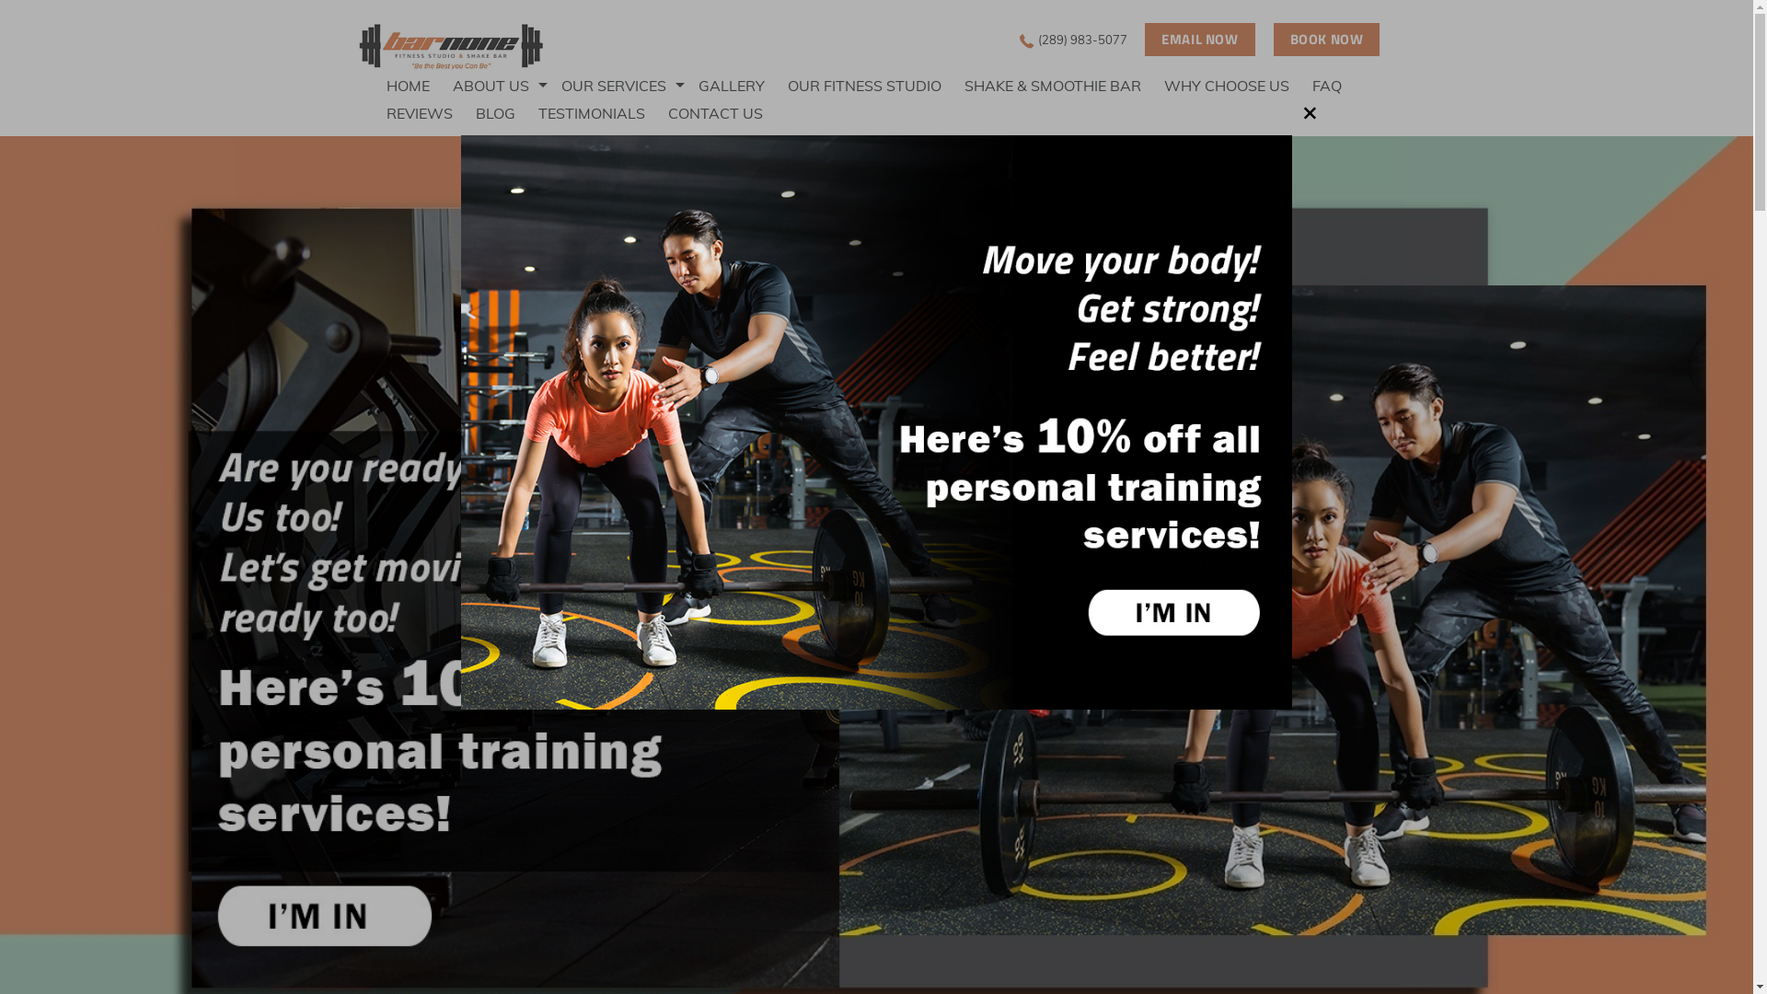 The image size is (1767, 994). Describe the element at coordinates (430, 113) in the screenshot. I see `'REVIEWS'` at that location.